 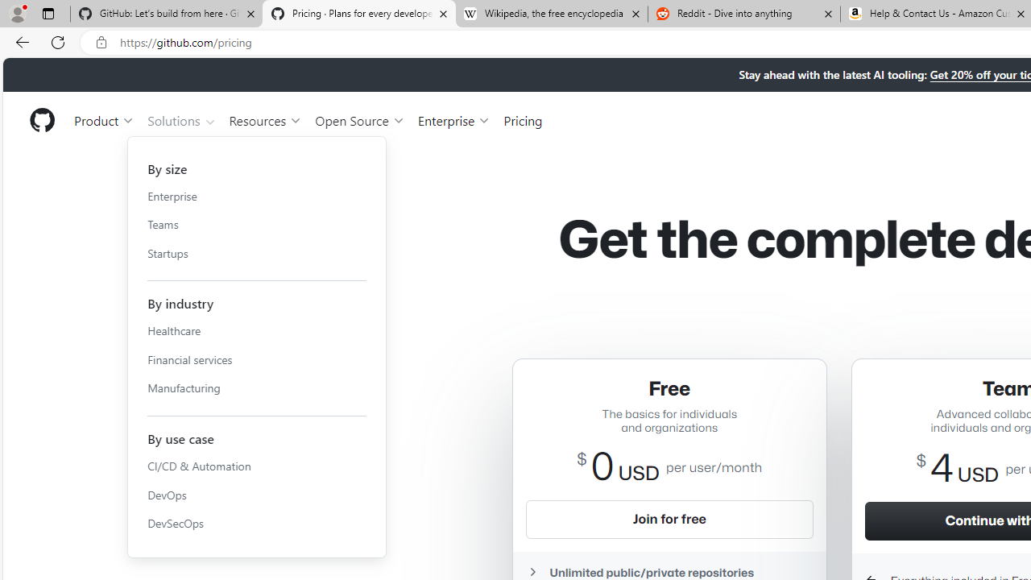 What do you see at coordinates (256, 388) in the screenshot?
I see `'Manufacturing'` at bounding box center [256, 388].